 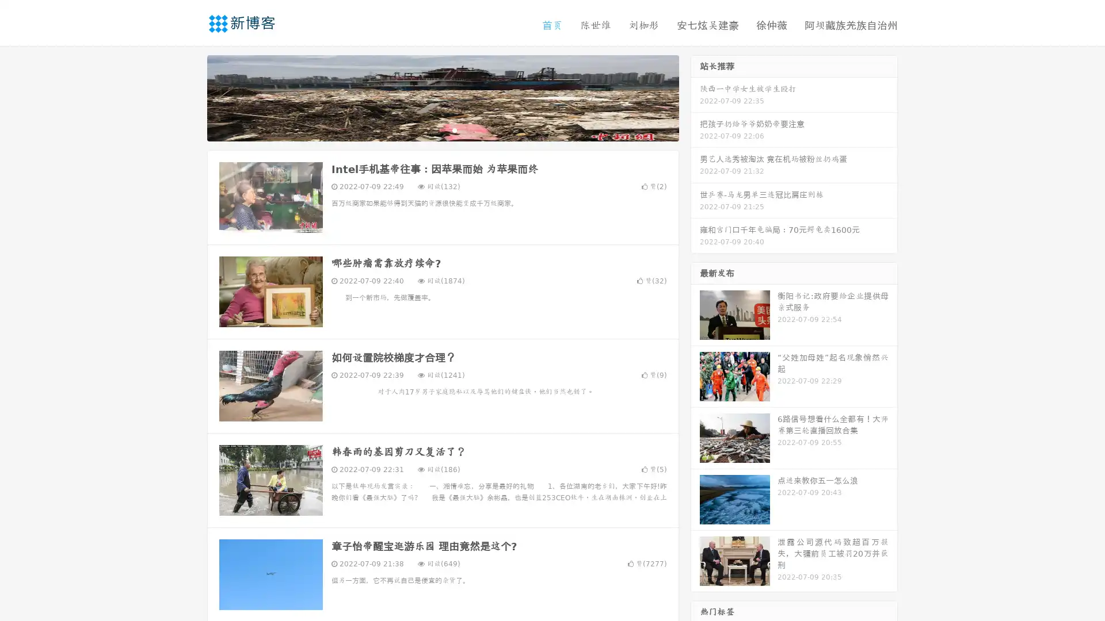 What do you see at coordinates (454, 129) in the screenshot?
I see `Go to slide 3` at bounding box center [454, 129].